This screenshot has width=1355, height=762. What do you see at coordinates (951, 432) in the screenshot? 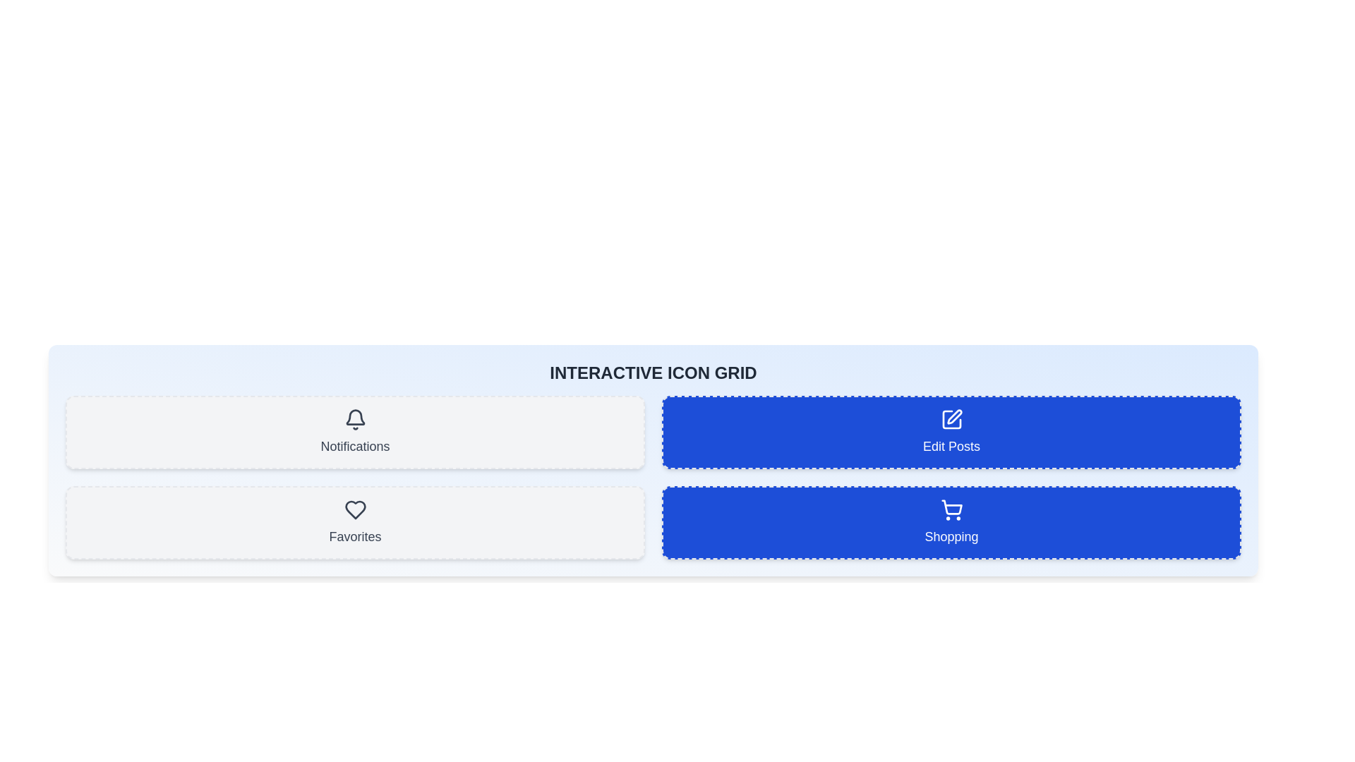
I see `the grid item labeled Edit Posts to observe the hover effect` at bounding box center [951, 432].